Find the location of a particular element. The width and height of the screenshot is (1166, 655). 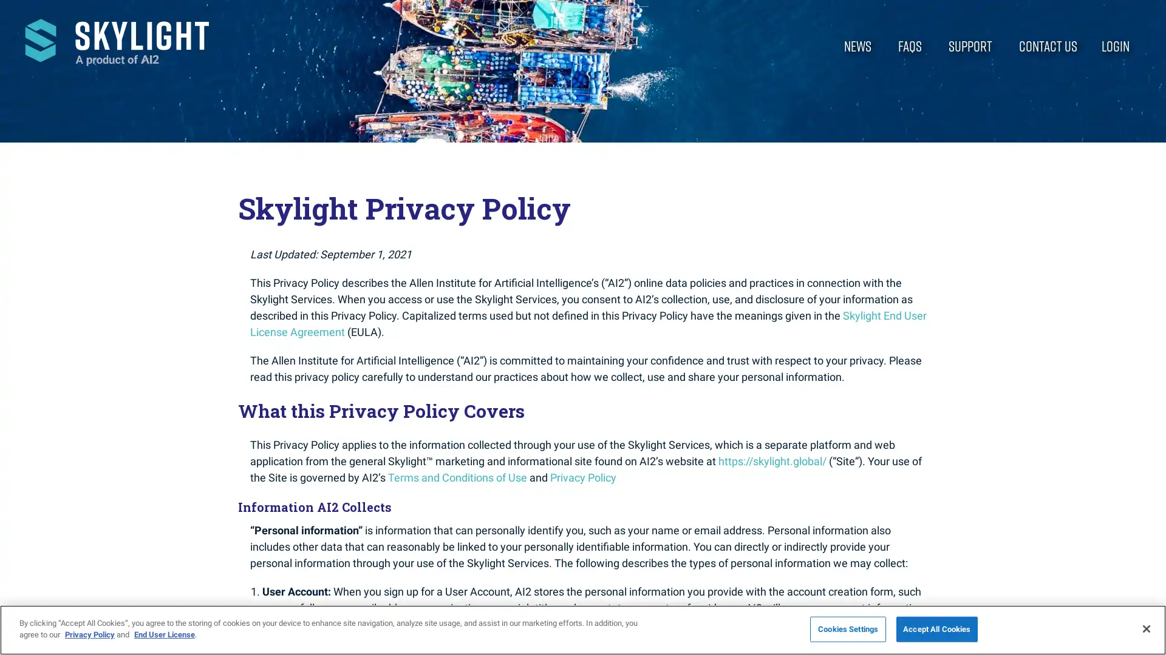

Cookies Settings is located at coordinates (847, 628).